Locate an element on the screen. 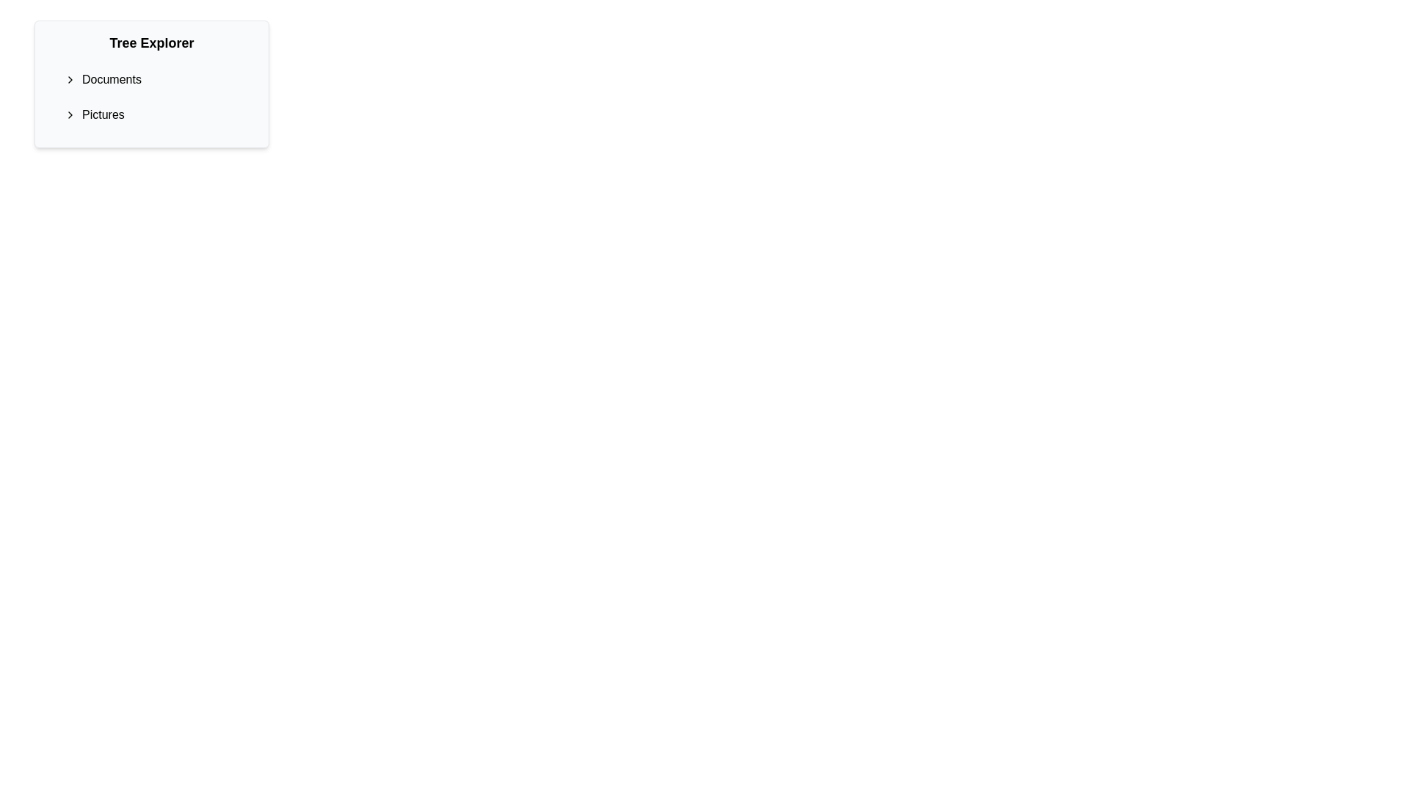 The image size is (1409, 792). the icon located to the left of the text 'Documents' in the upper left quadrant is located at coordinates (73, 79).